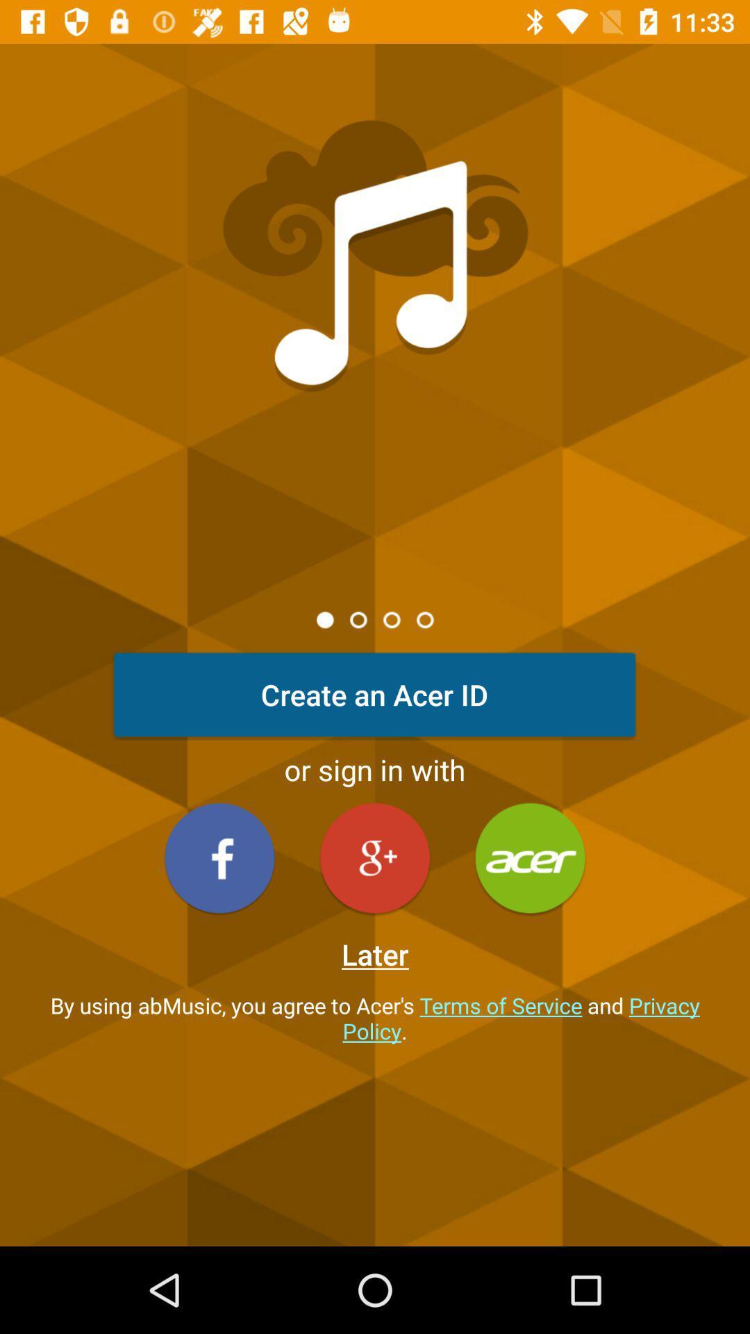 This screenshot has height=1334, width=750. I want to click on google+ icon, so click(375, 857).